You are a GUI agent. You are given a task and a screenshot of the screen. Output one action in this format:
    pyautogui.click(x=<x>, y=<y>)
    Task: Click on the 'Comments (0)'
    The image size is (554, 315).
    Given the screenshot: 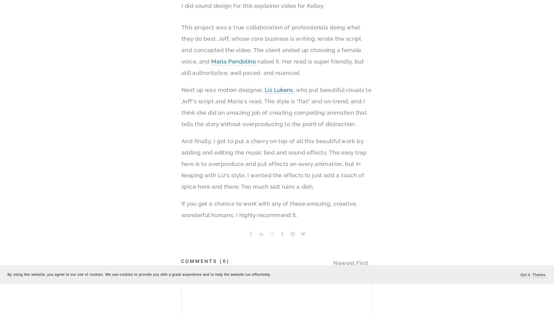 What is the action you would take?
    pyautogui.click(x=205, y=261)
    